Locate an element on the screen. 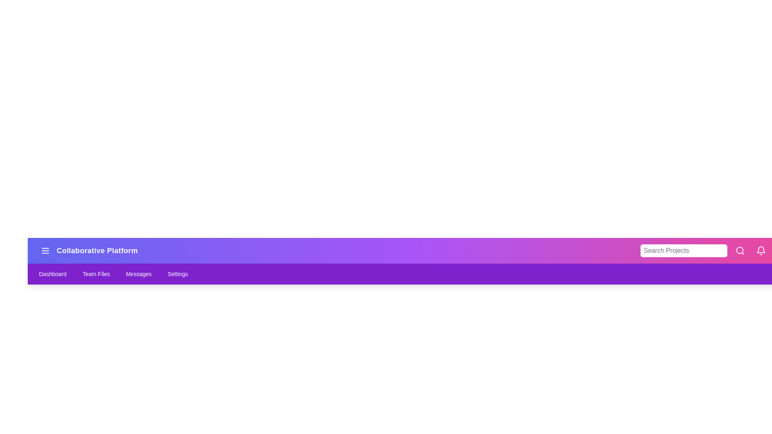  the first navigation button in the header that links to the dashboard page to trigger visual feedback is located at coordinates (52, 274).